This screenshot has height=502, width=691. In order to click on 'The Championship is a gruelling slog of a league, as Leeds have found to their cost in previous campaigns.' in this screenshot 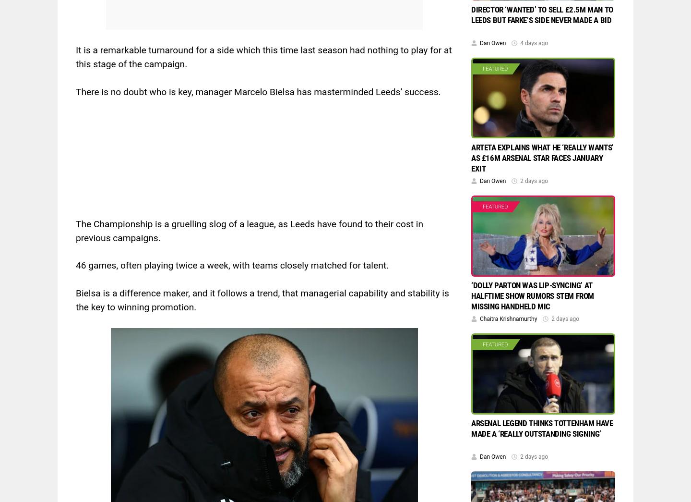, I will do `click(75, 230)`.